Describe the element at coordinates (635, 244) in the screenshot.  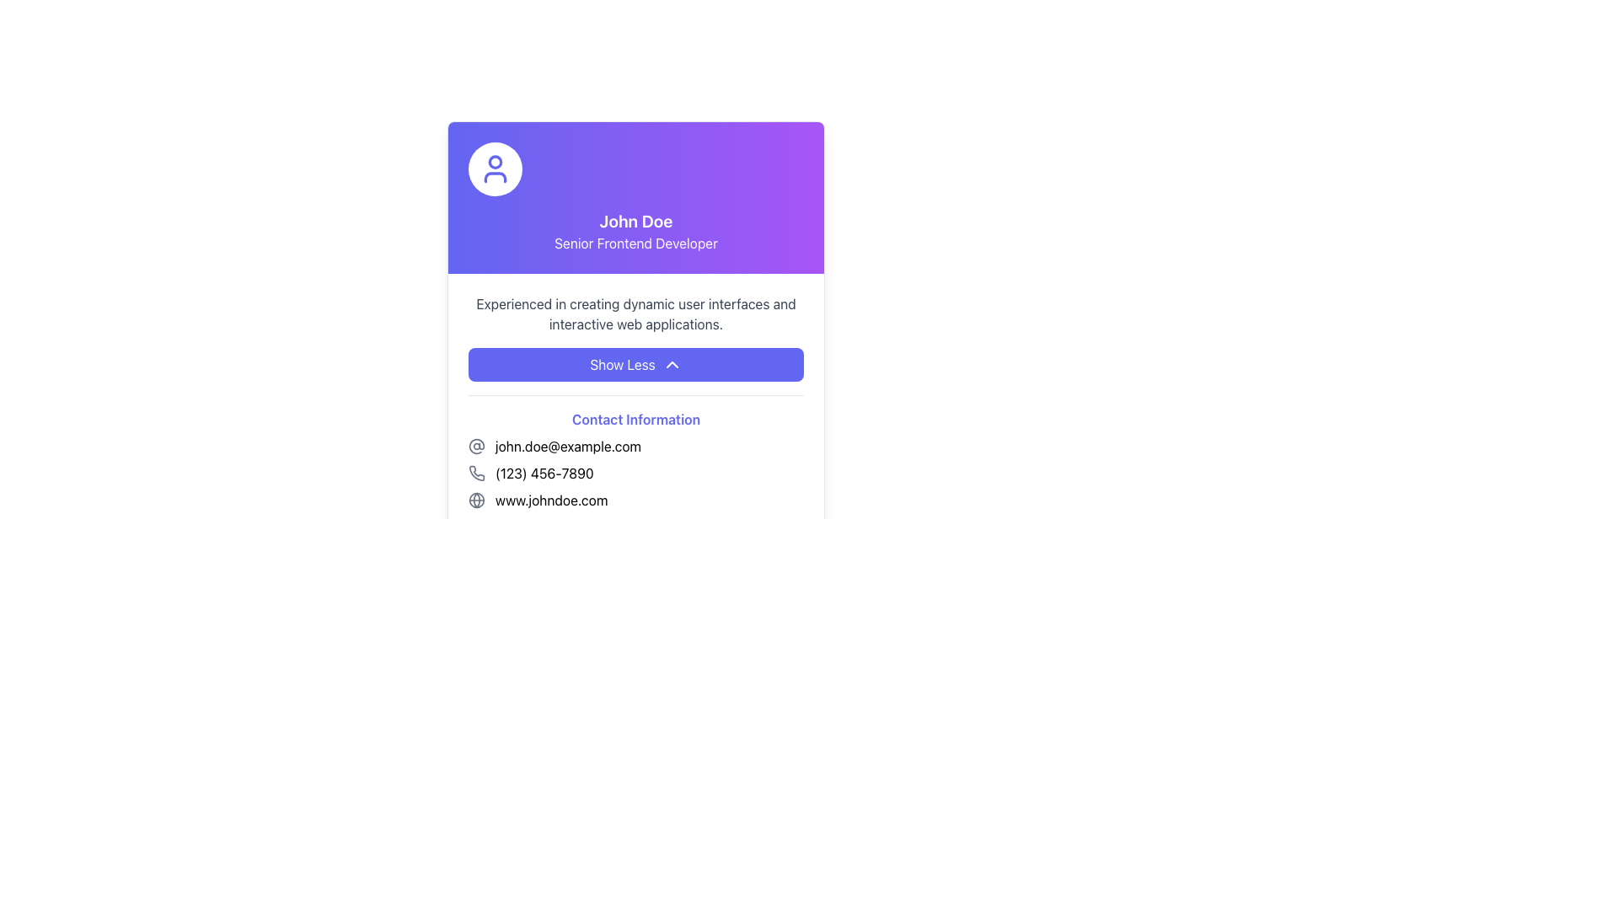
I see `the text label displaying 'Senior Frontend Developer', which is located below 'John Doe' and centered within the gradient background` at that location.